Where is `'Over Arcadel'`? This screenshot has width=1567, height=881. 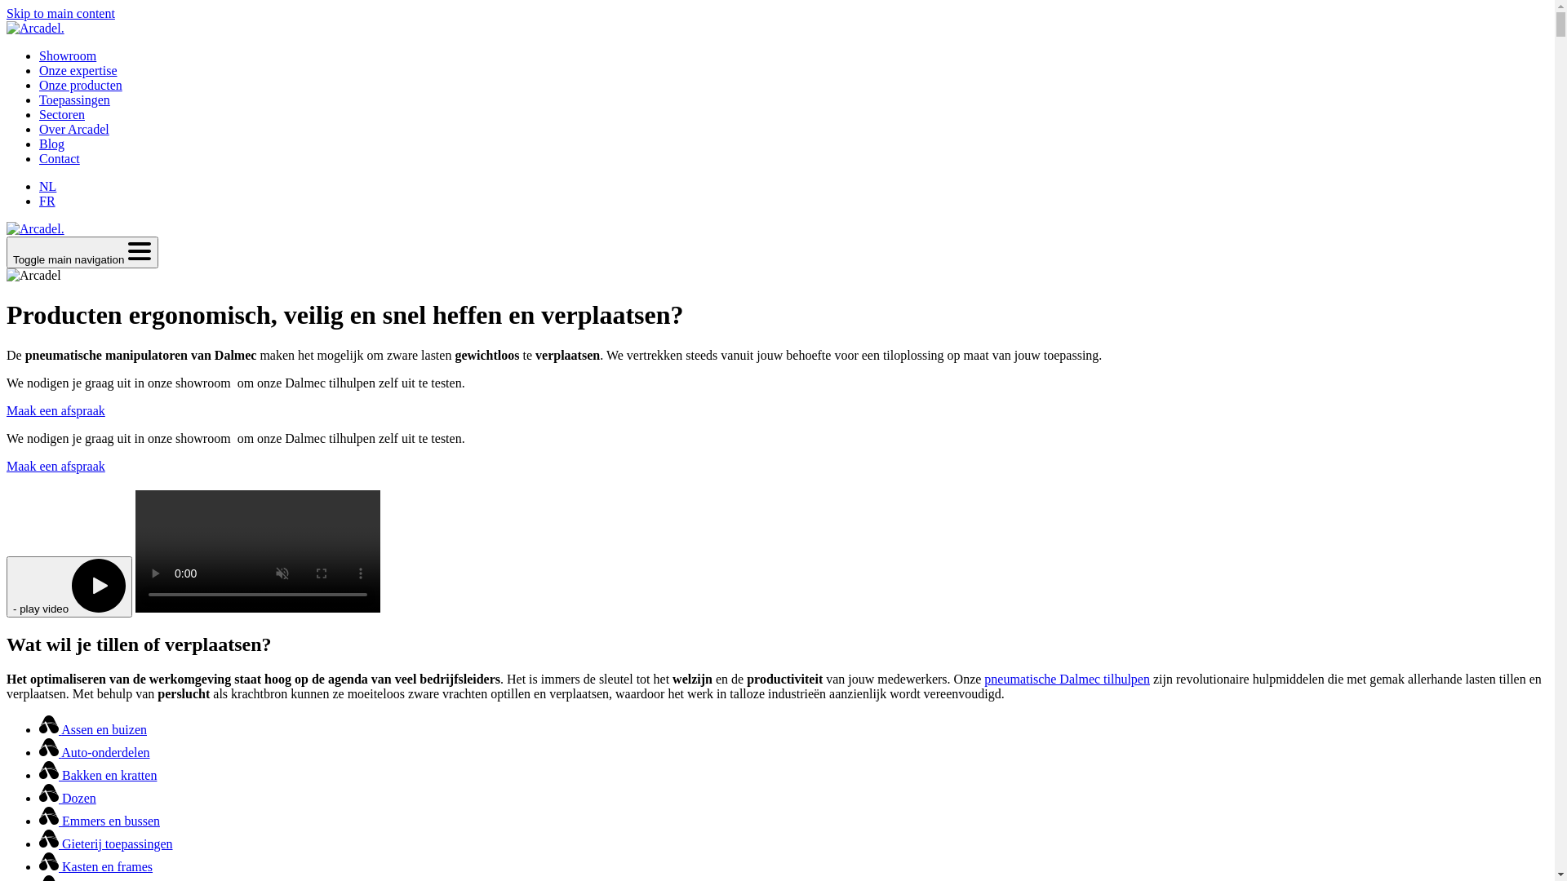
'Over Arcadel' is located at coordinates (39, 128).